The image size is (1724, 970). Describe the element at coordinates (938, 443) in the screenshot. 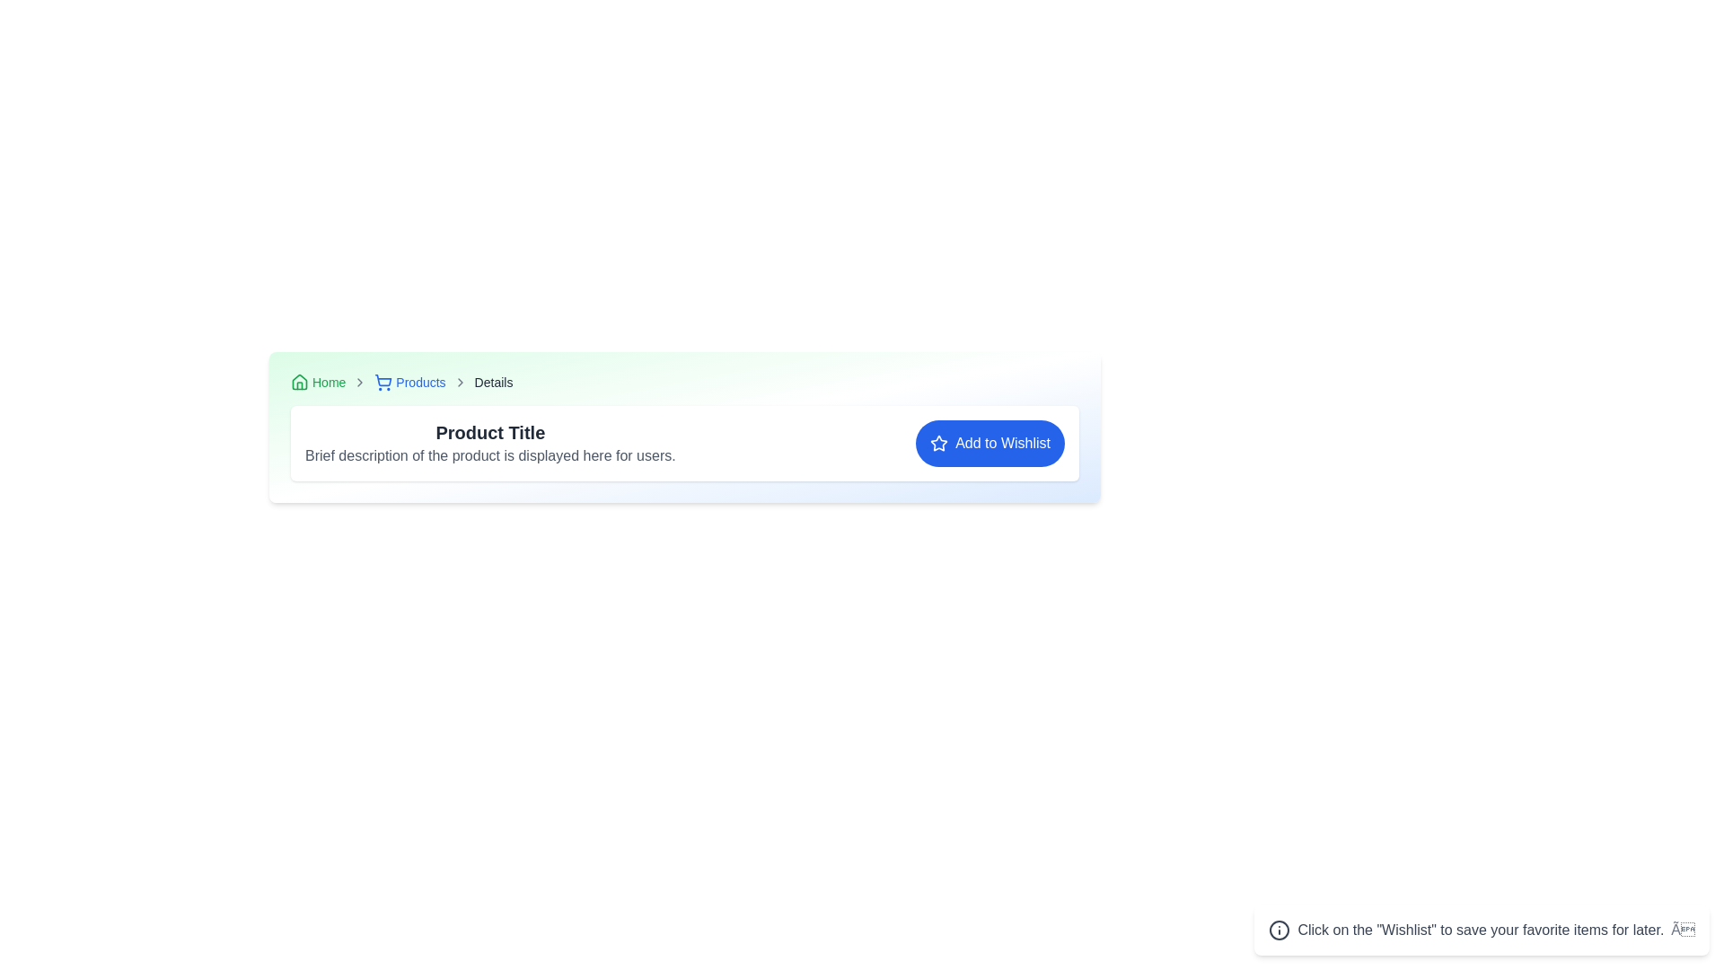

I see `the star-shaped icon with a blue outline and white fill, which is` at that location.